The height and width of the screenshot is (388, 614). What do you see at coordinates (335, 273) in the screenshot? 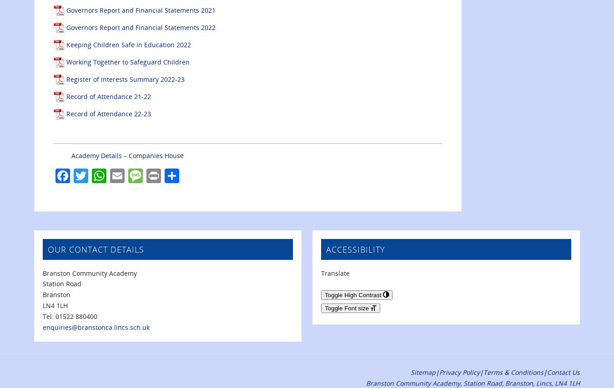
I see `'Translate'` at bounding box center [335, 273].